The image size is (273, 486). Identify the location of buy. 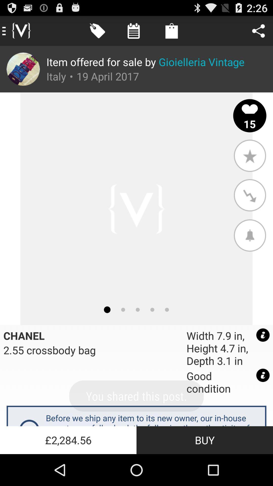
(205, 440).